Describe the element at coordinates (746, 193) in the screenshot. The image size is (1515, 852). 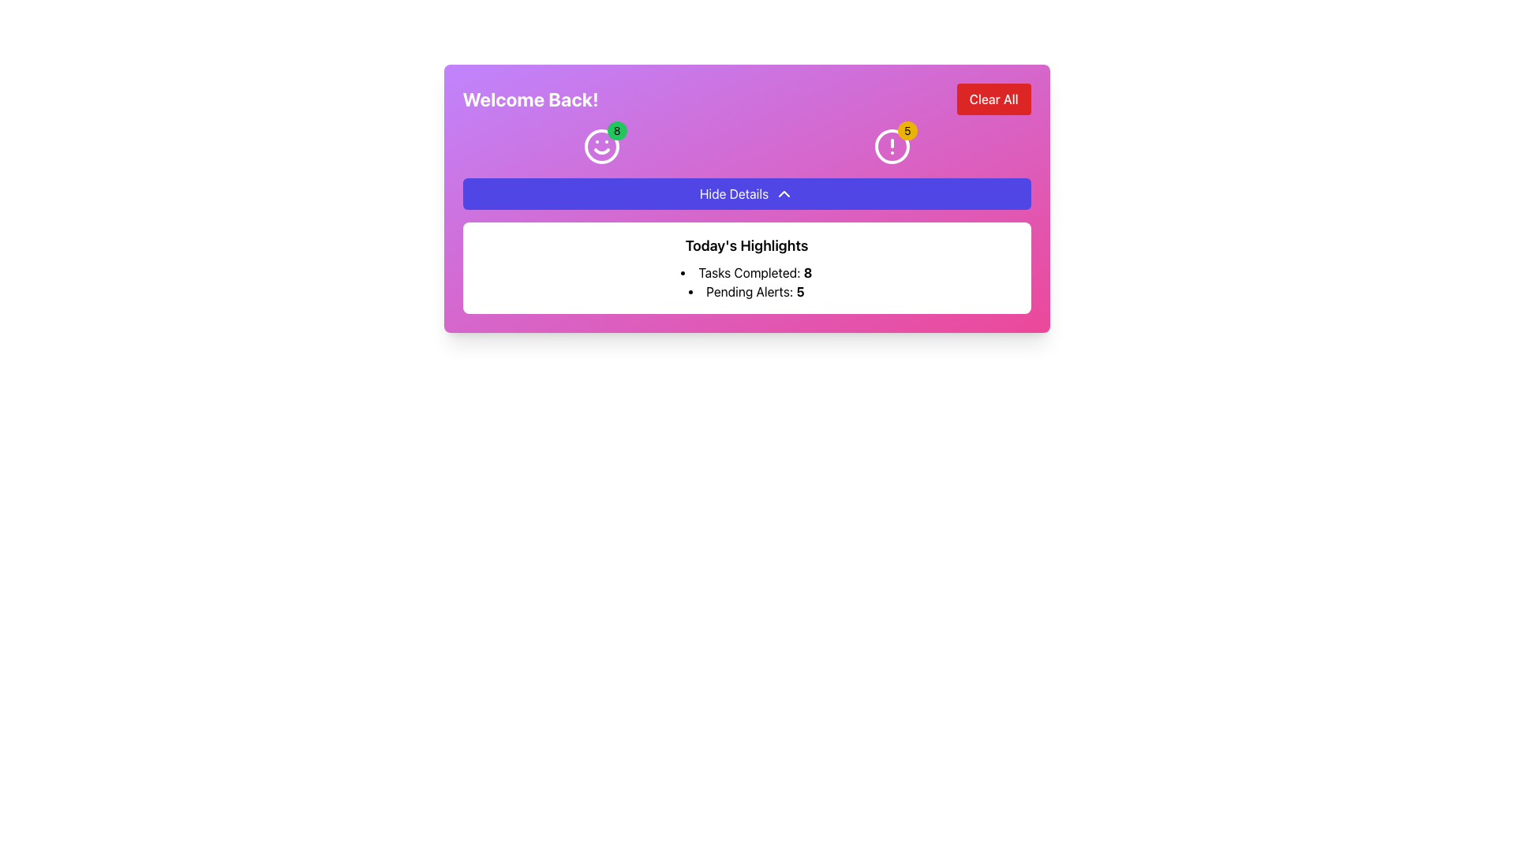
I see `the toggle button located centrally below the 'Welcome Back!' title` at that location.